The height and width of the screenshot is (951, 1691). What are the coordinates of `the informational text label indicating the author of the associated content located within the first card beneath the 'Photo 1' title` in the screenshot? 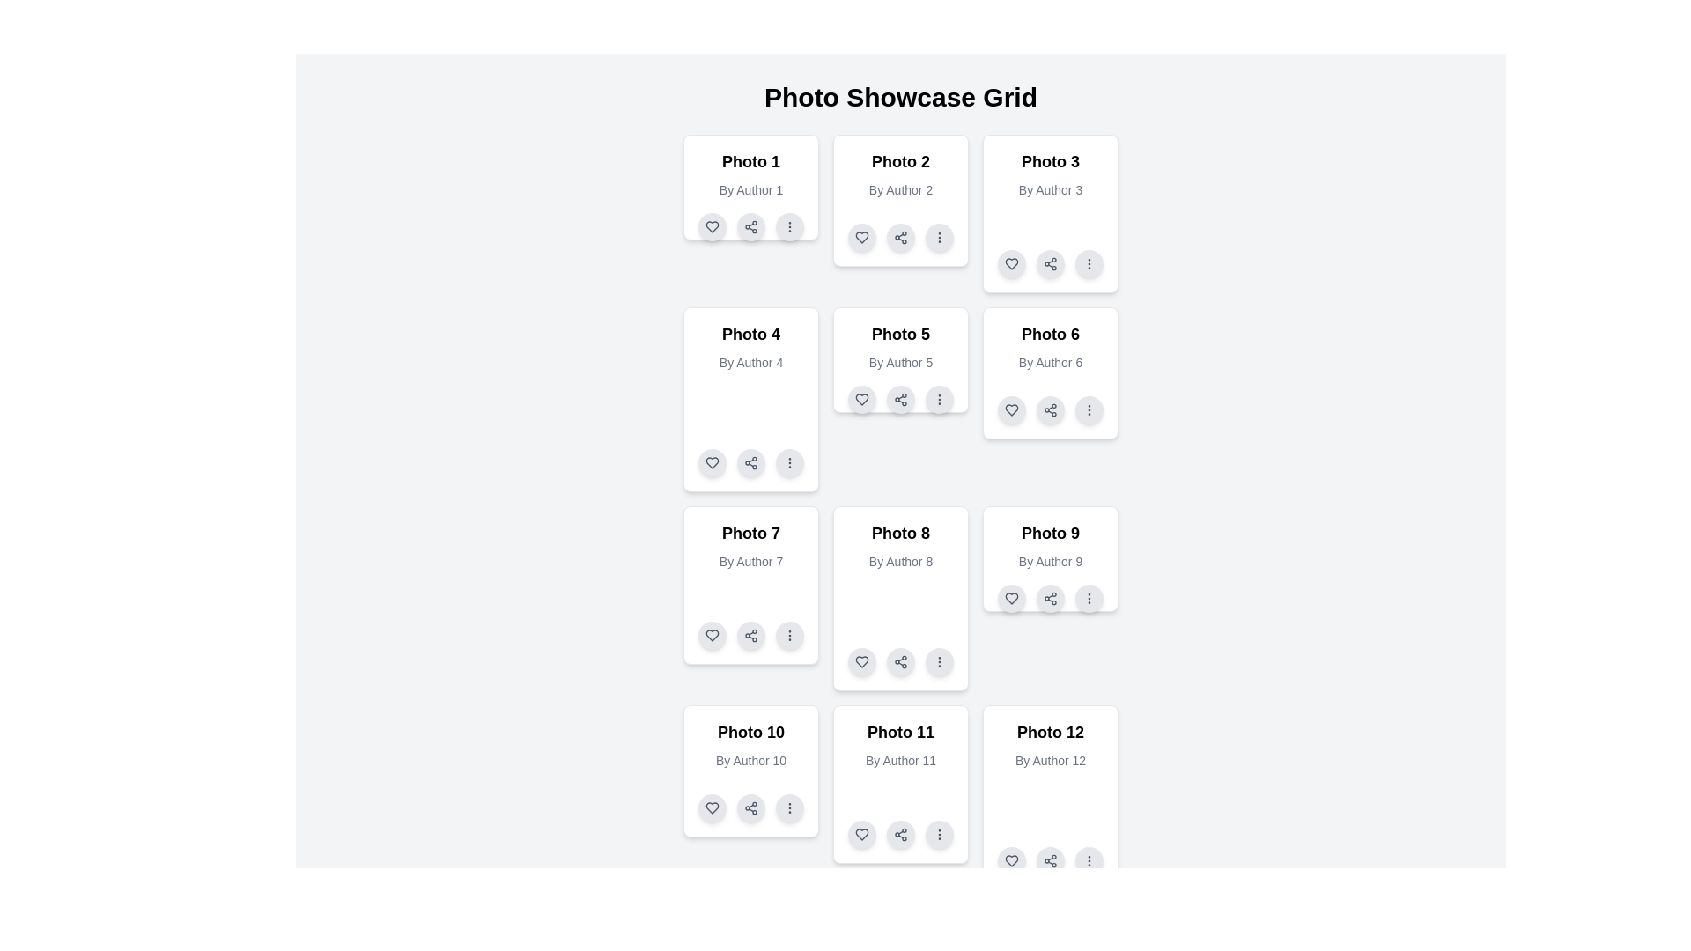 It's located at (751, 190).